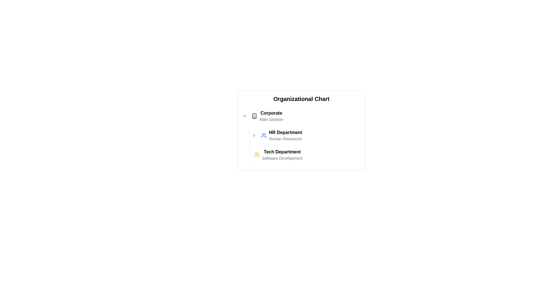  I want to click on the text label displaying 'HR Department' which is bold and located below the 'Corporate' header, to interact with it, so click(285, 135).